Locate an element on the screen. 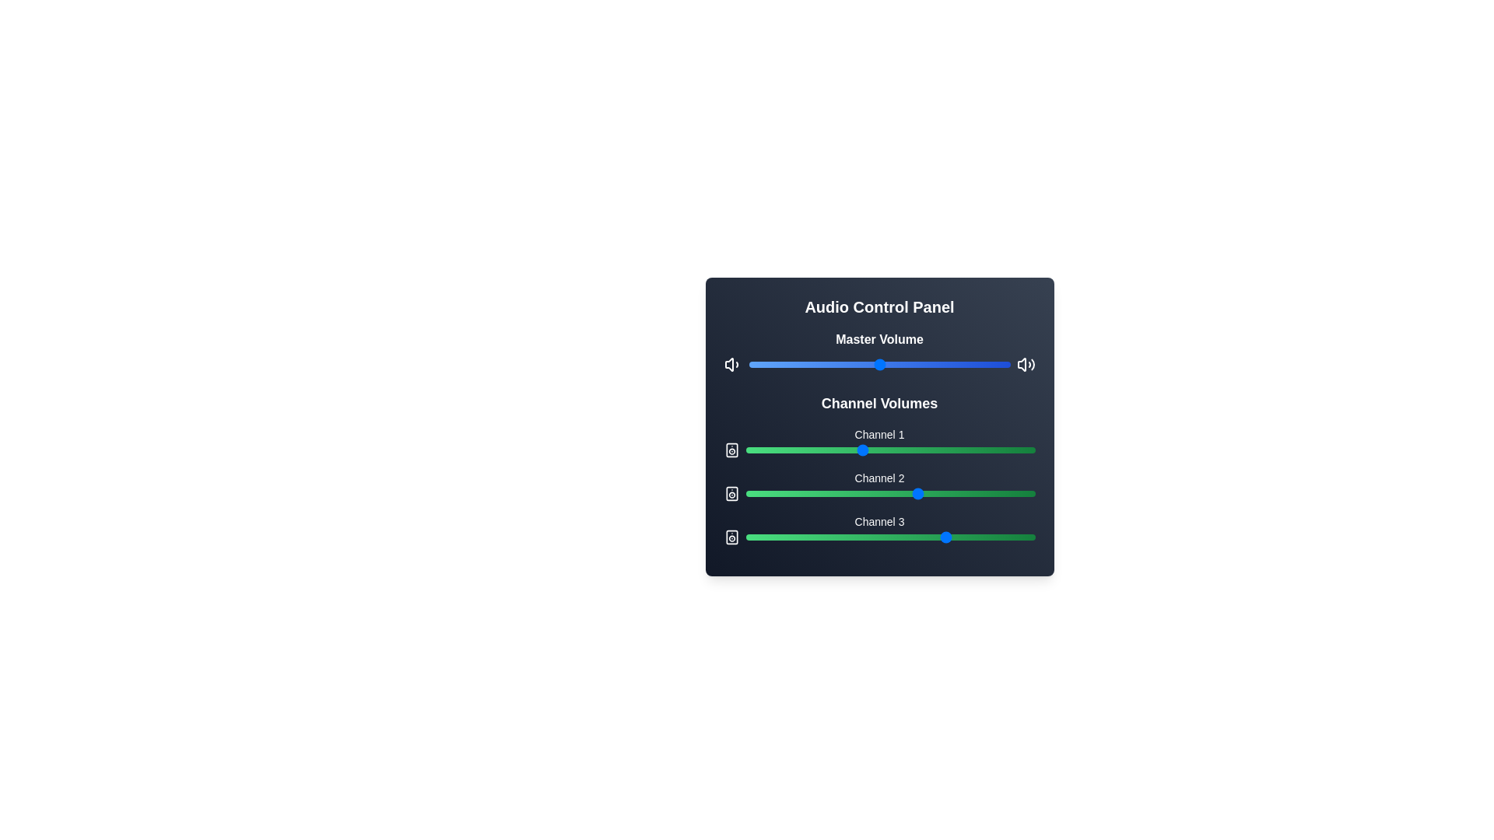  the text label reading 'Channel 3', which is styled with a small-sized font and medium weight, located beneath the 'Channel Volumes' heading and aligned with the volume slider for 'Channel 3' is located at coordinates (879, 522).